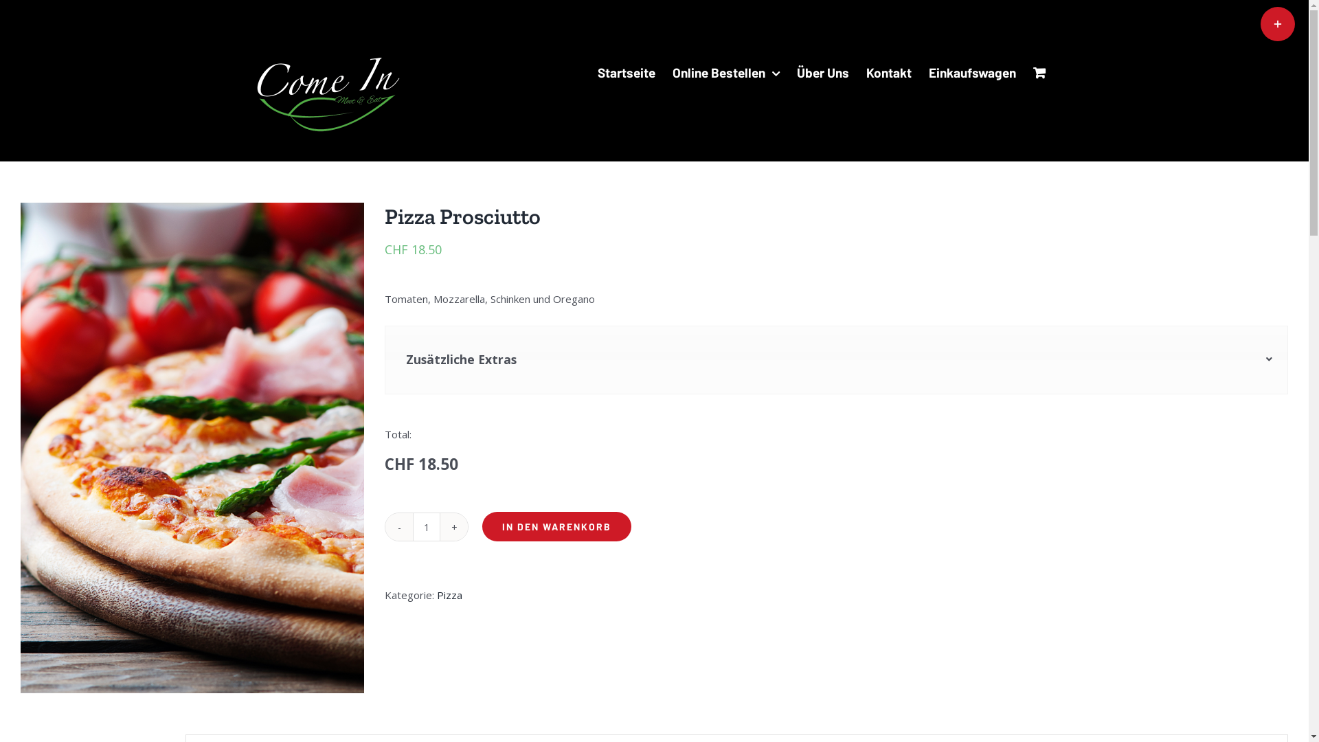  Describe the element at coordinates (556, 526) in the screenshot. I see `'IN DEN WARENKORB'` at that location.